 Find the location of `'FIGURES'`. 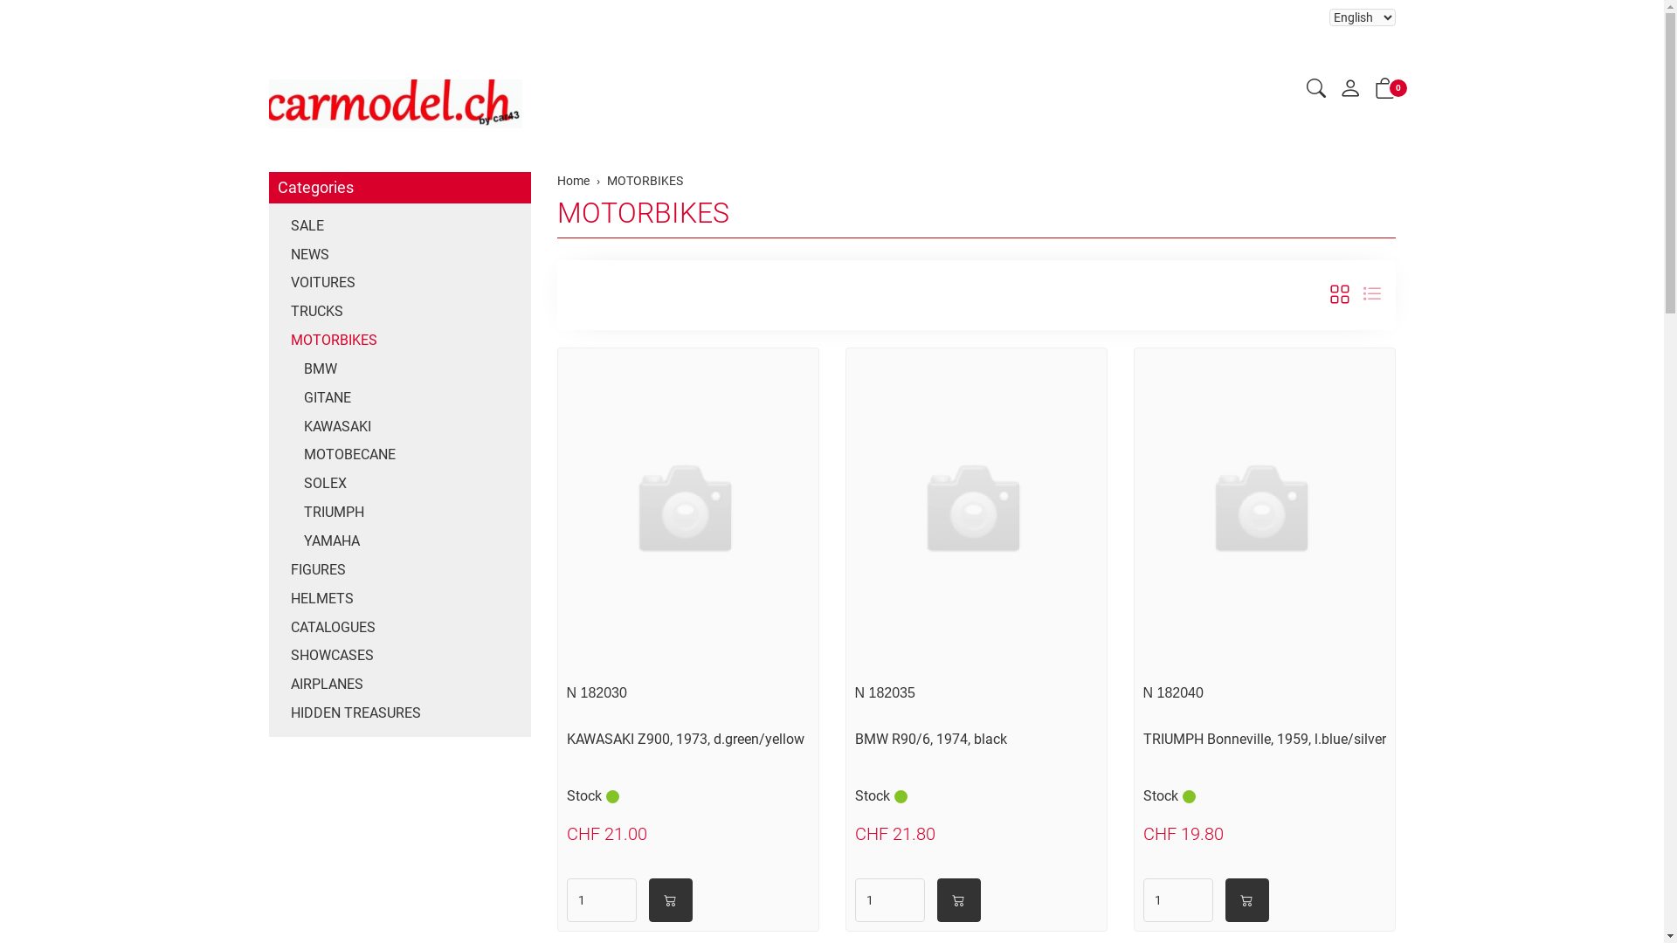

'FIGURES' is located at coordinates (398, 570).